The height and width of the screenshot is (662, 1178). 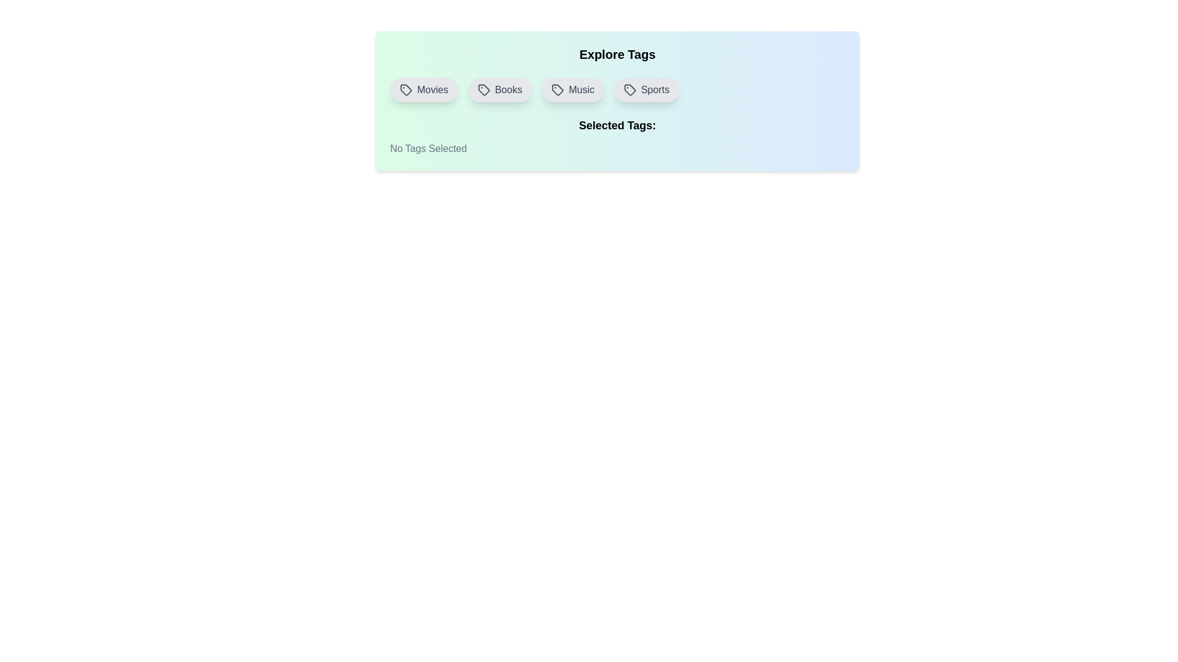 I want to click on the text label displaying 'Selected Tags:' which is located in the middle area of the section beneath a row of selectable tags, so click(x=617, y=125).